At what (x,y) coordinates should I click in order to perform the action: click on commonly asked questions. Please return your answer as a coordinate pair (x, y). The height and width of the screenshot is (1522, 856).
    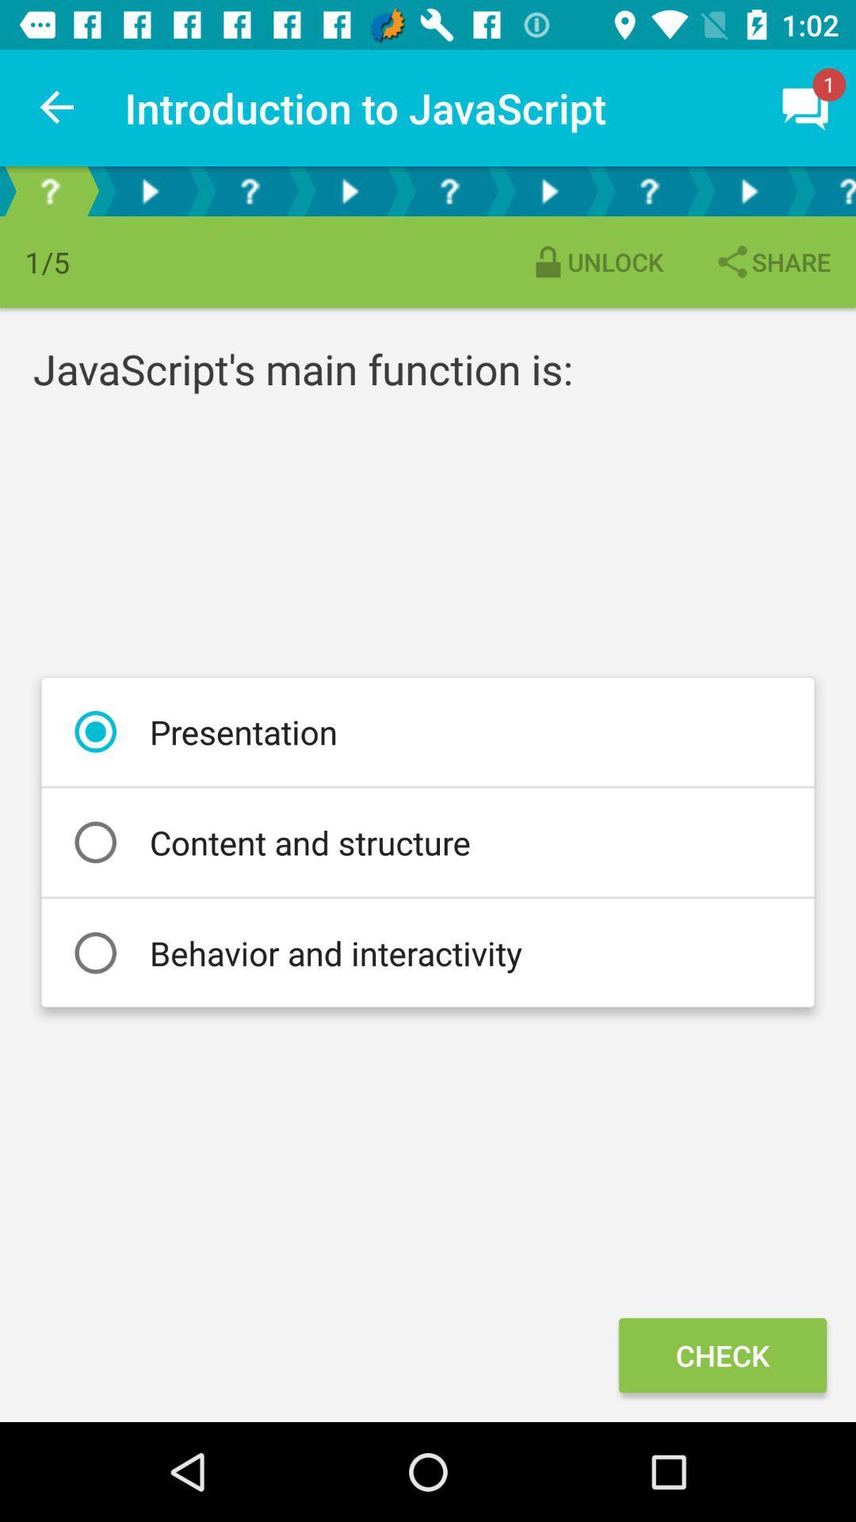
    Looking at the image, I should click on (48, 190).